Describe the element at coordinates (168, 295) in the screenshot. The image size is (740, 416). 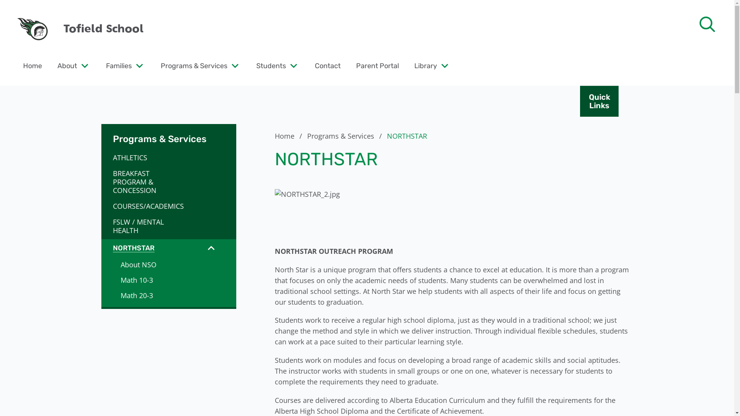
I see `'Math 20-3'` at that location.